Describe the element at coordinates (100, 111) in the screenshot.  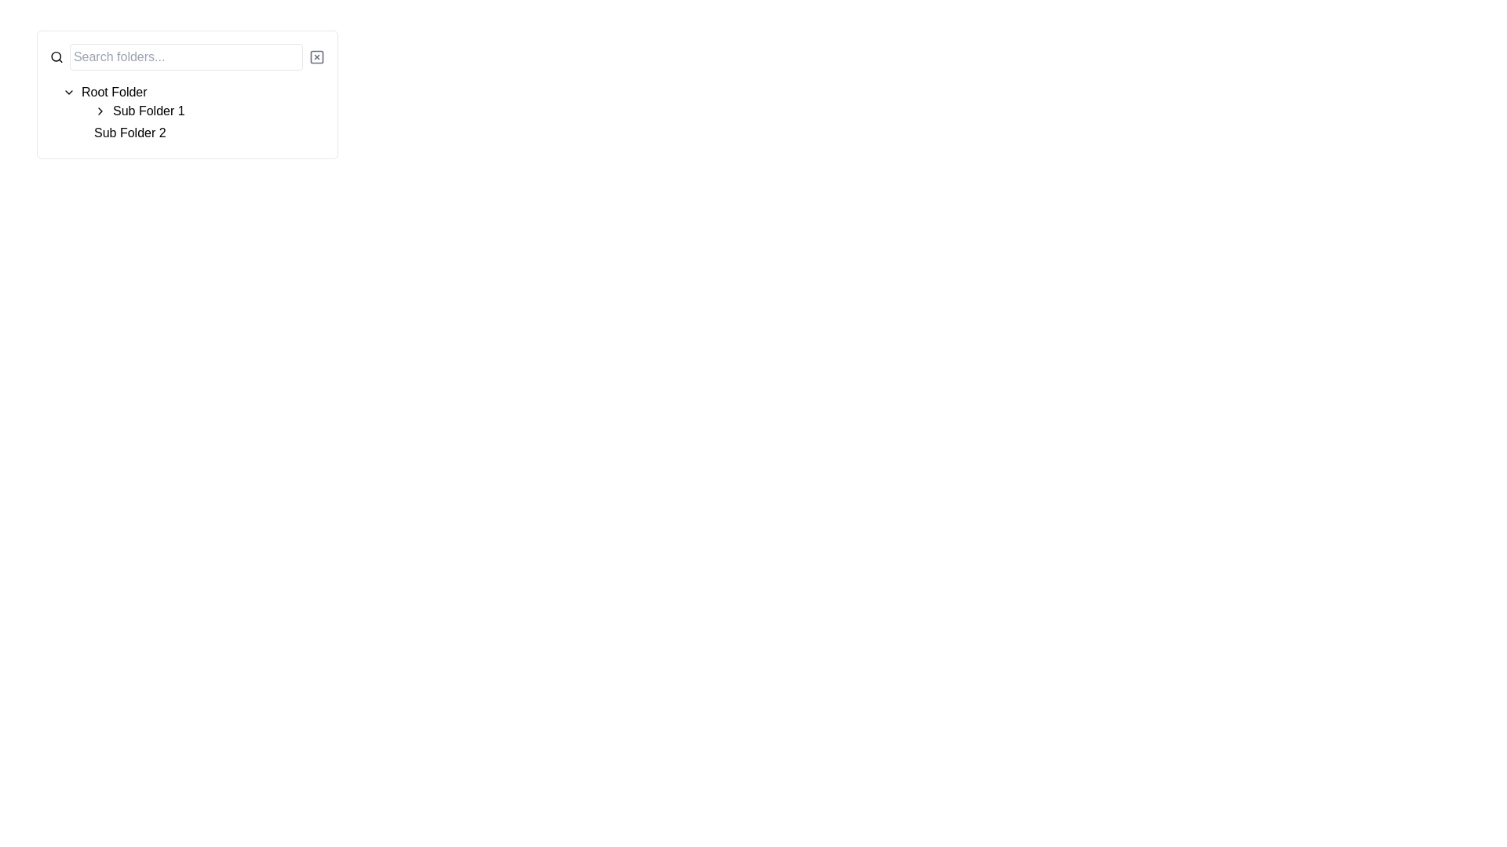
I see `the right-pointing chevron icon located to the left of 'Sub Folder 1'` at that location.